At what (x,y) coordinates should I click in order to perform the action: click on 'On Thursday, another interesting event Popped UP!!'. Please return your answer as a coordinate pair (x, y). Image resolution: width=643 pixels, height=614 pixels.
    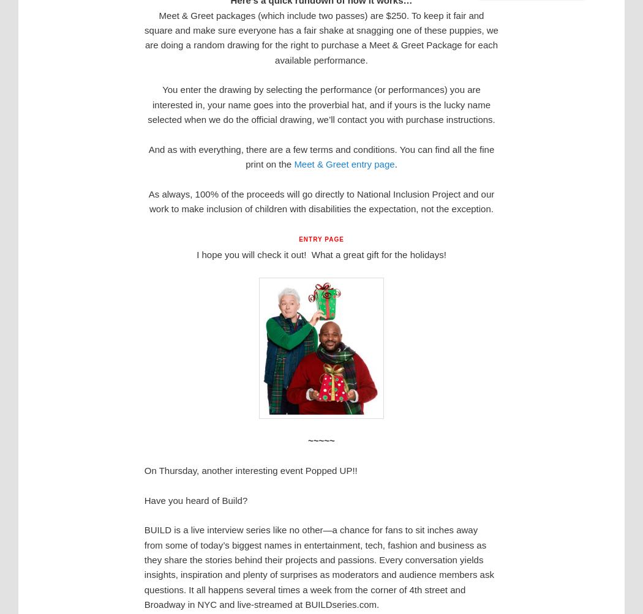
    Looking at the image, I should click on (250, 470).